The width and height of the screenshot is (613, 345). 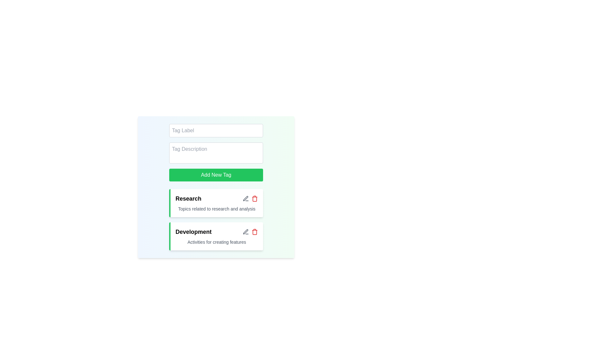 What do you see at coordinates (246, 232) in the screenshot?
I see `the edit icon button located at the top-right corner of the 'Development' card to initiate the edit action` at bounding box center [246, 232].